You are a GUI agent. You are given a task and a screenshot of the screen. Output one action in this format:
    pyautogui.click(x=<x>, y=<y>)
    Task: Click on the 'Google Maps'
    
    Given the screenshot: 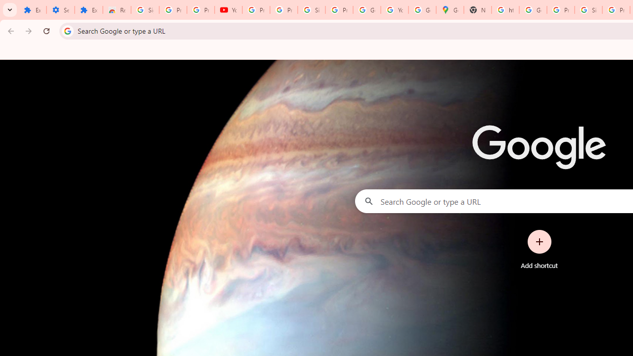 What is the action you would take?
    pyautogui.click(x=450, y=10)
    